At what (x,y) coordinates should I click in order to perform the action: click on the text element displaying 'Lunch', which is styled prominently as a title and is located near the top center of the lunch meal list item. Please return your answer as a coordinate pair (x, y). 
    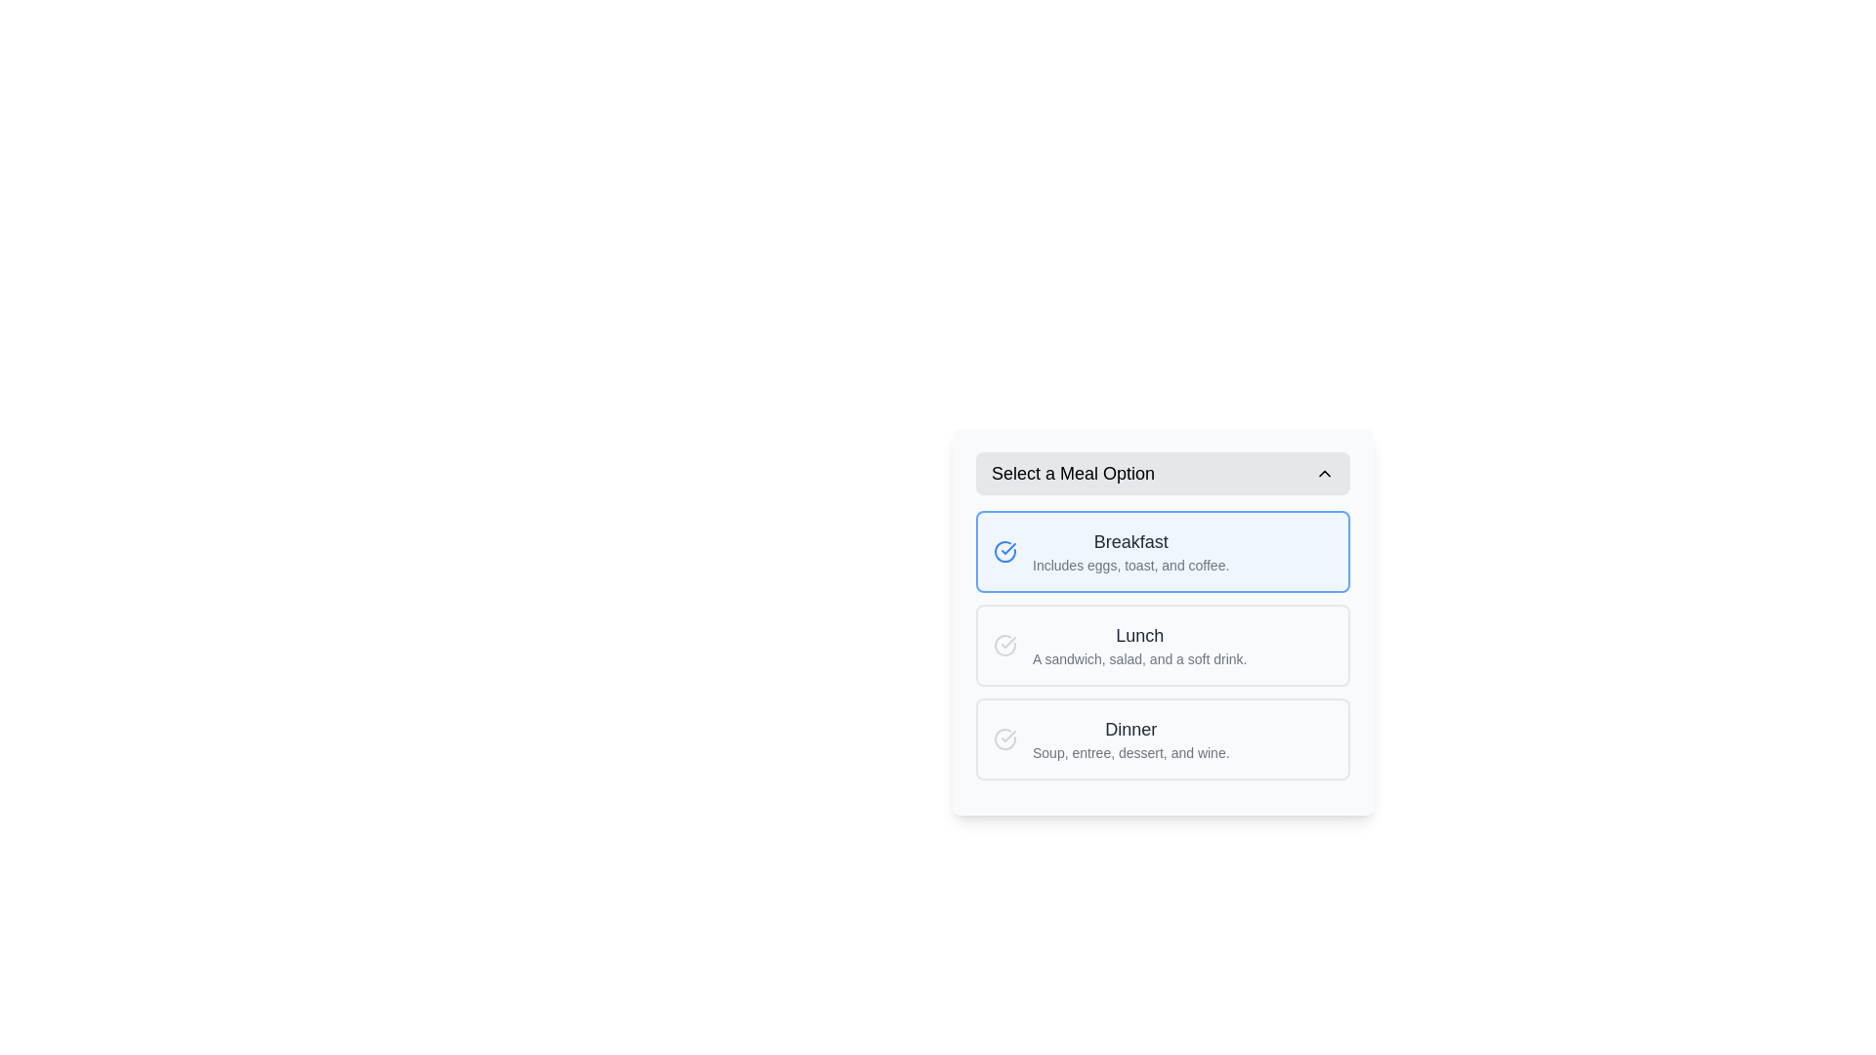
    Looking at the image, I should click on (1139, 636).